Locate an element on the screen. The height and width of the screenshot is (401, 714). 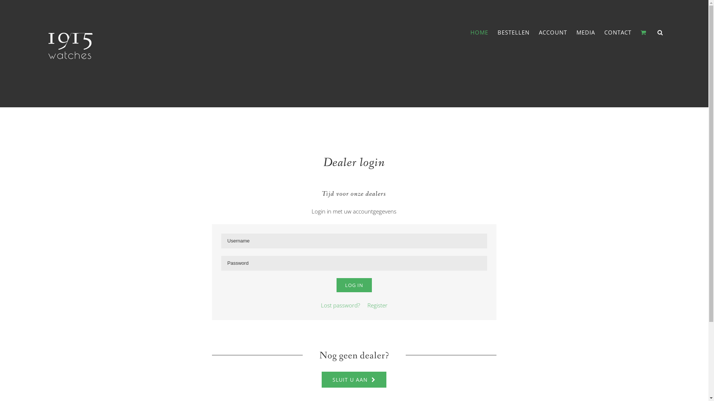
'ACCOUNT' is located at coordinates (553, 32).